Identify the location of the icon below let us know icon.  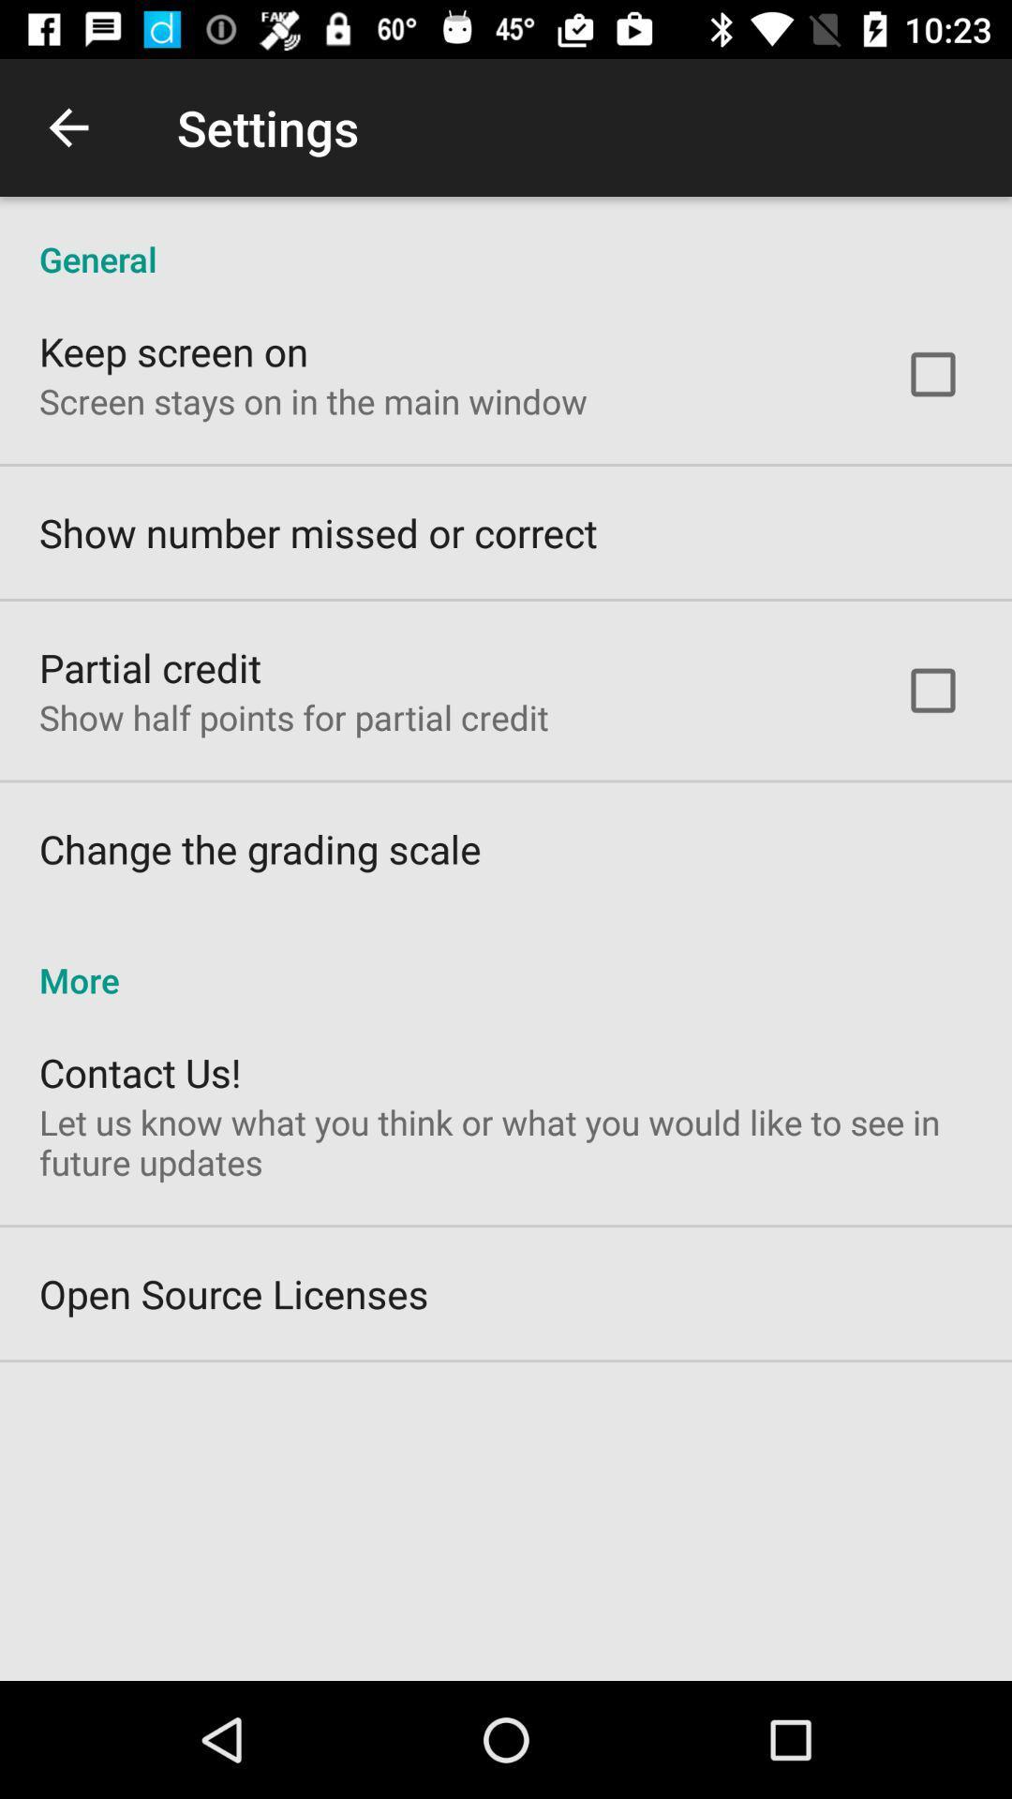
(232, 1292).